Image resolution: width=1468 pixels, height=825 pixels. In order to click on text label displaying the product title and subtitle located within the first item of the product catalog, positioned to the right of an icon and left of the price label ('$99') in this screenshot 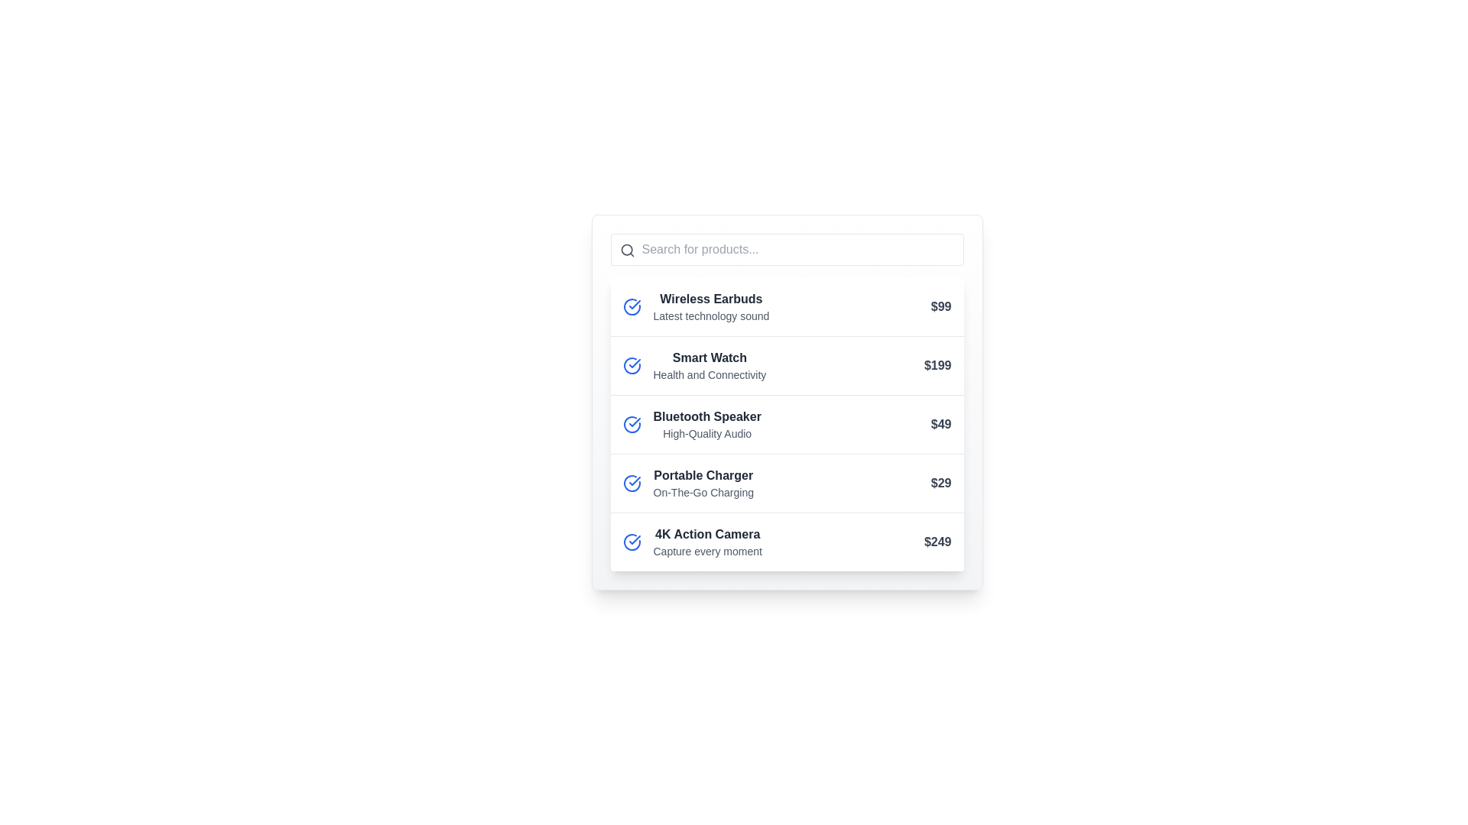, I will do `click(710, 306)`.